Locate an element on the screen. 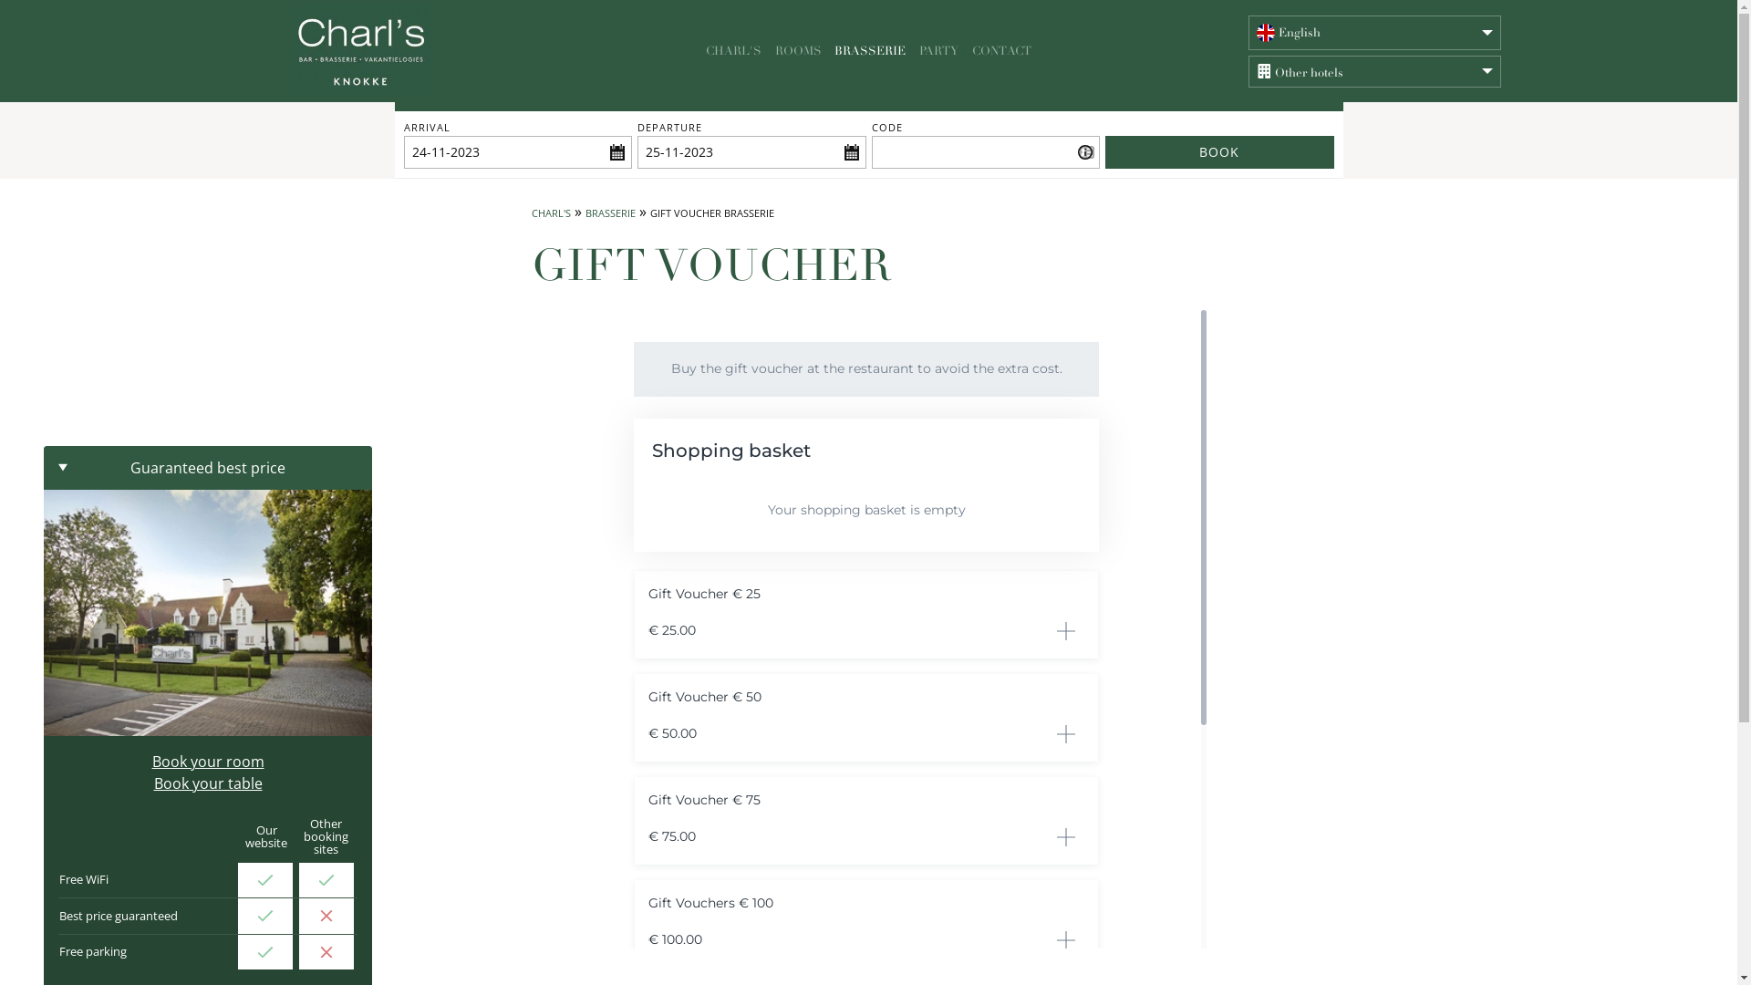 This screenshot has width=1751, height=985. 'Book' is located at coordinates (1103, 150).